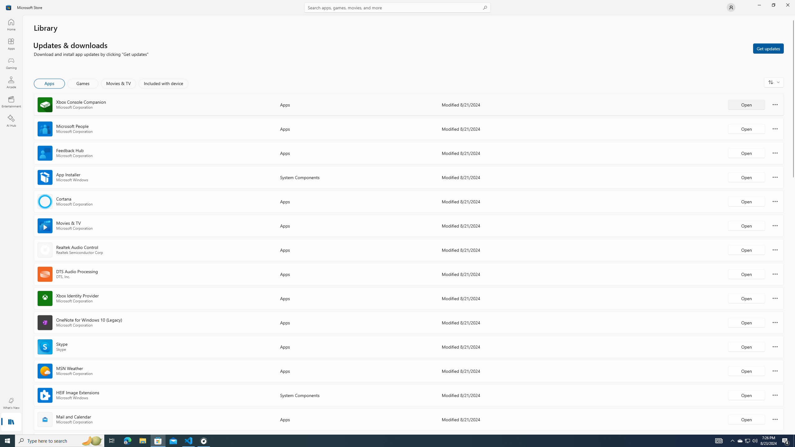 This screenshot has height=447, width=795. Describe the element at coordinates (774, 82) in the screenshot. I see `'Sort and filter'` at that location.